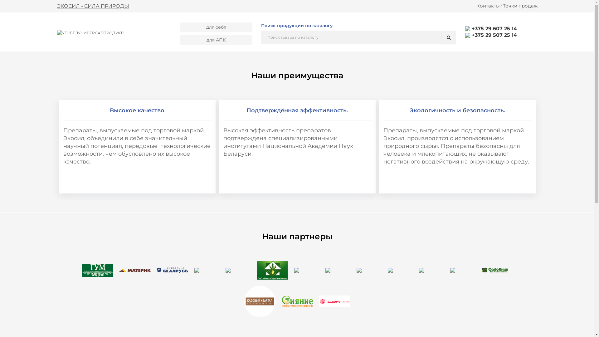  Describe the element at coordinates (491, 35) in the screenshot. I see `'+375 29 507 25 14'` at that location.